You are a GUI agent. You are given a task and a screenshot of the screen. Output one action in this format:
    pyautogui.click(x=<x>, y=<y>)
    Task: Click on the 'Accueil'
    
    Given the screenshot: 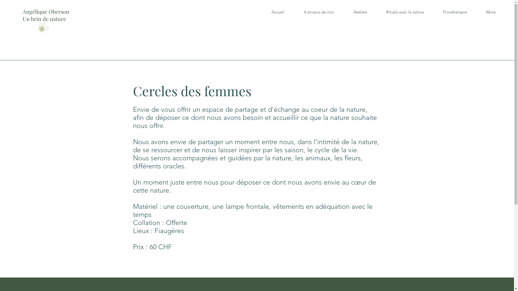 What is the action you would take?
    pyautogui.click(x=278, y=12)
    